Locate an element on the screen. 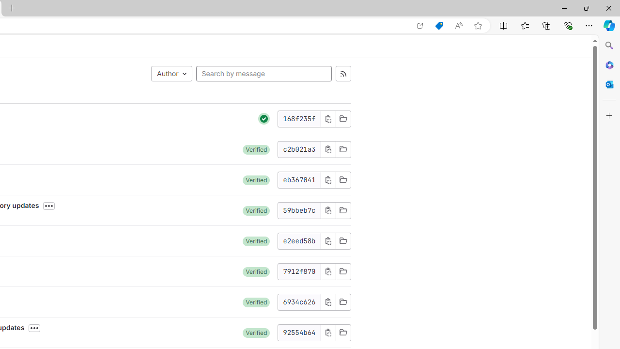  'Microsoft 365' is located at coordinates (609, 64).